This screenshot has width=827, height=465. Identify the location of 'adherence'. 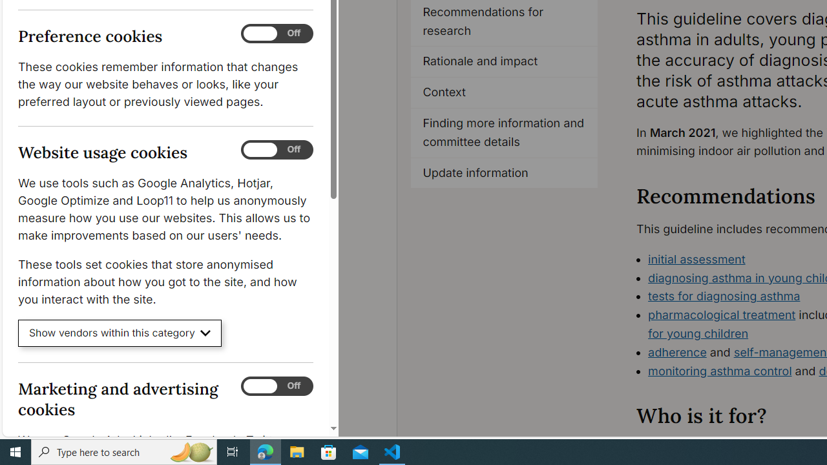
(676, 352).